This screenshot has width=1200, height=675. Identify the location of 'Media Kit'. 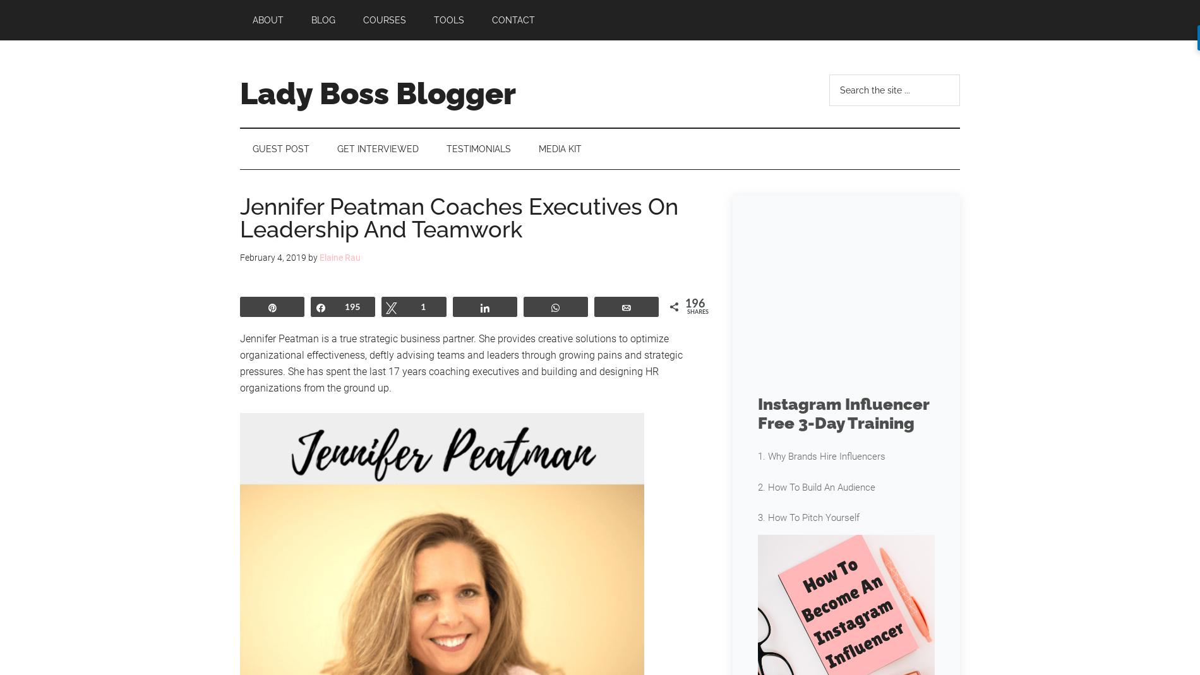
(559, 148).